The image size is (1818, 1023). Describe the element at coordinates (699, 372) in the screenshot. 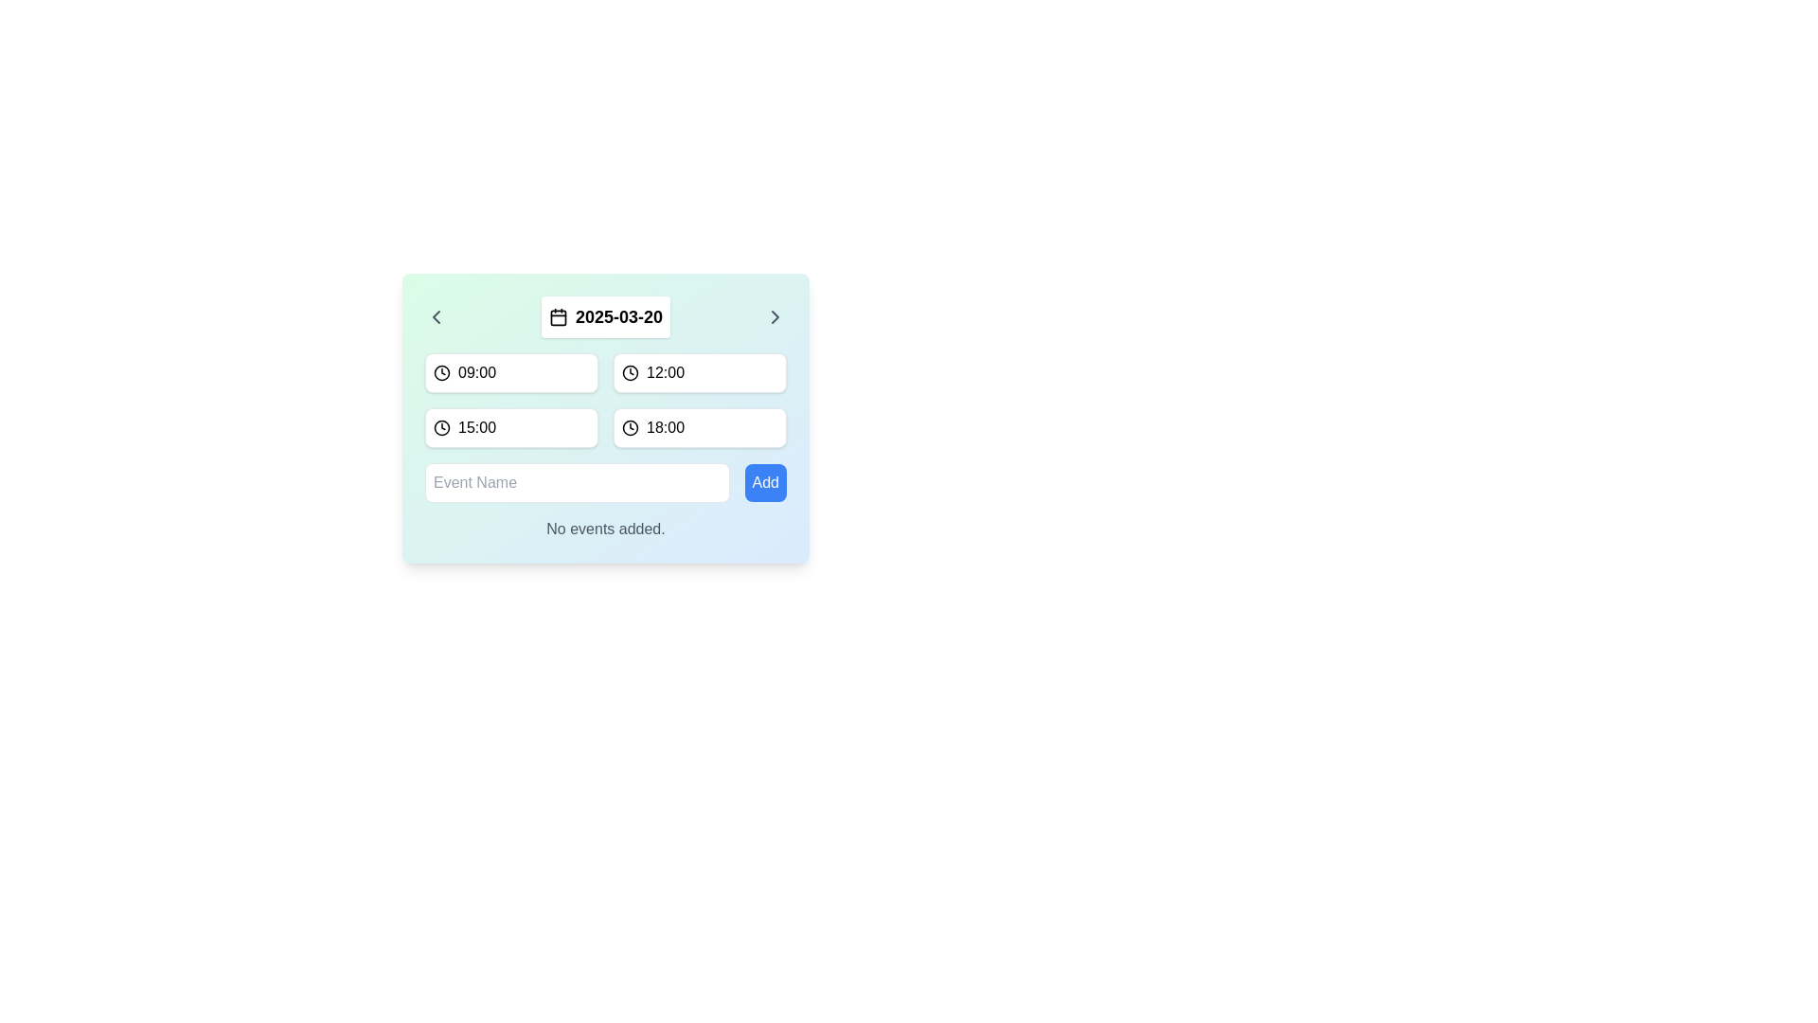

I see `the button representing the time '12:00' located in the top-right portion of a grid layout of four buttons, directly to the right of the '09:00' button` at that location.